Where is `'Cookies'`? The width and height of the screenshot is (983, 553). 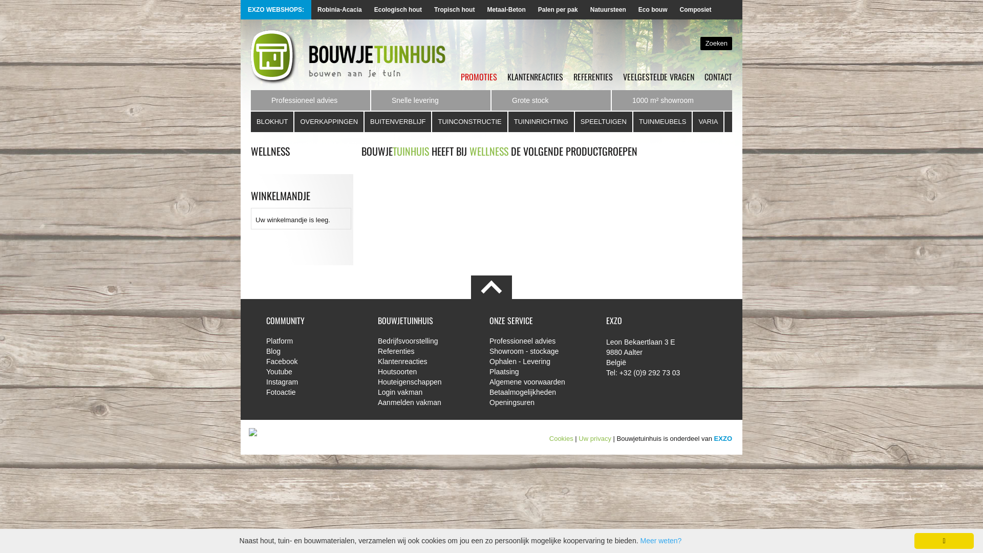 'Cookies' is located at coordinates (561, 438).